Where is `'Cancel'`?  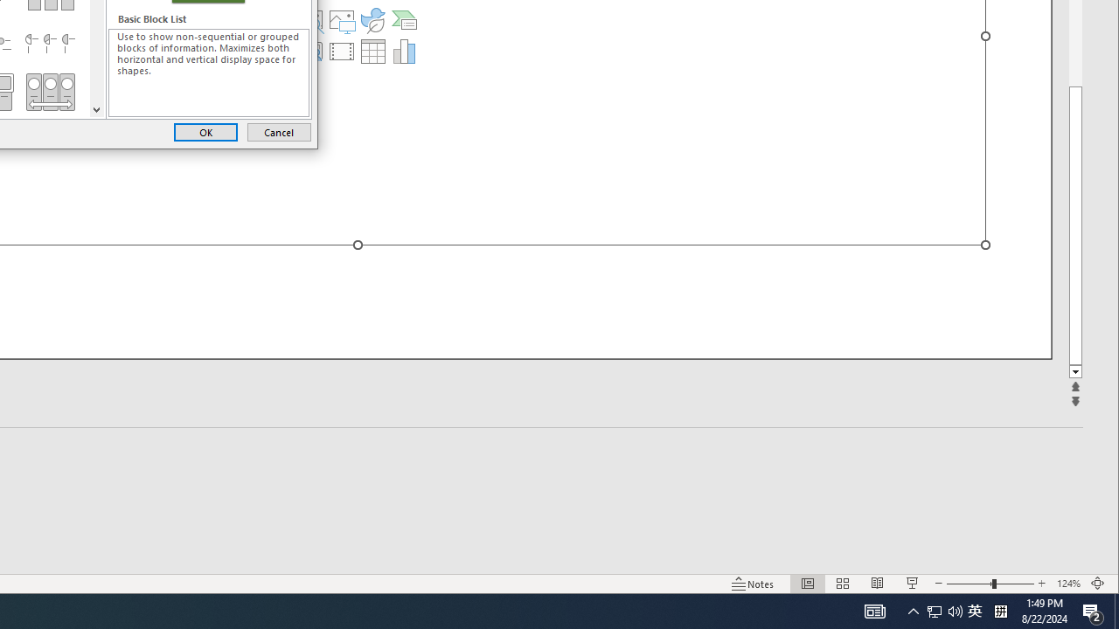 'Cancel' is located at coordinates (278, 131).